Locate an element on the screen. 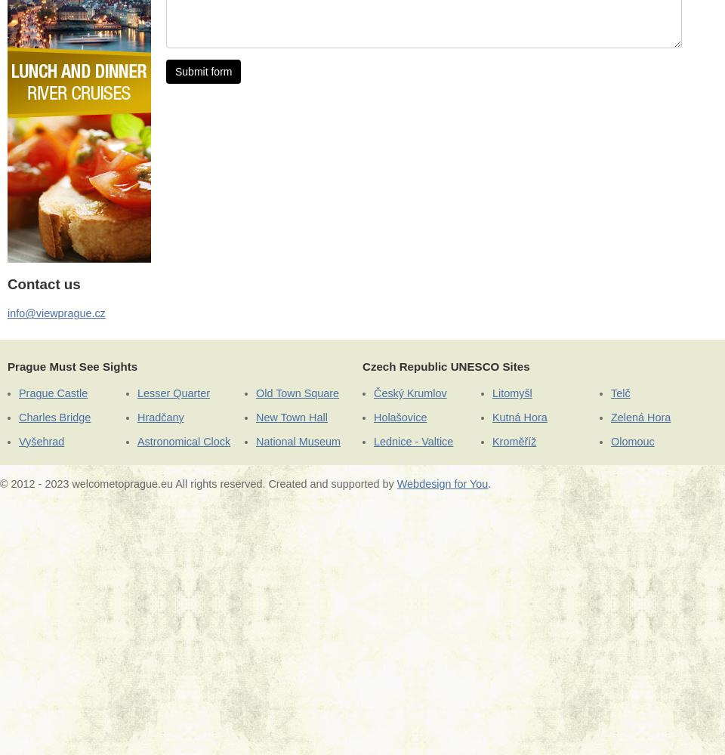  'Vyšehrad' is located at coordinates (41, 440).